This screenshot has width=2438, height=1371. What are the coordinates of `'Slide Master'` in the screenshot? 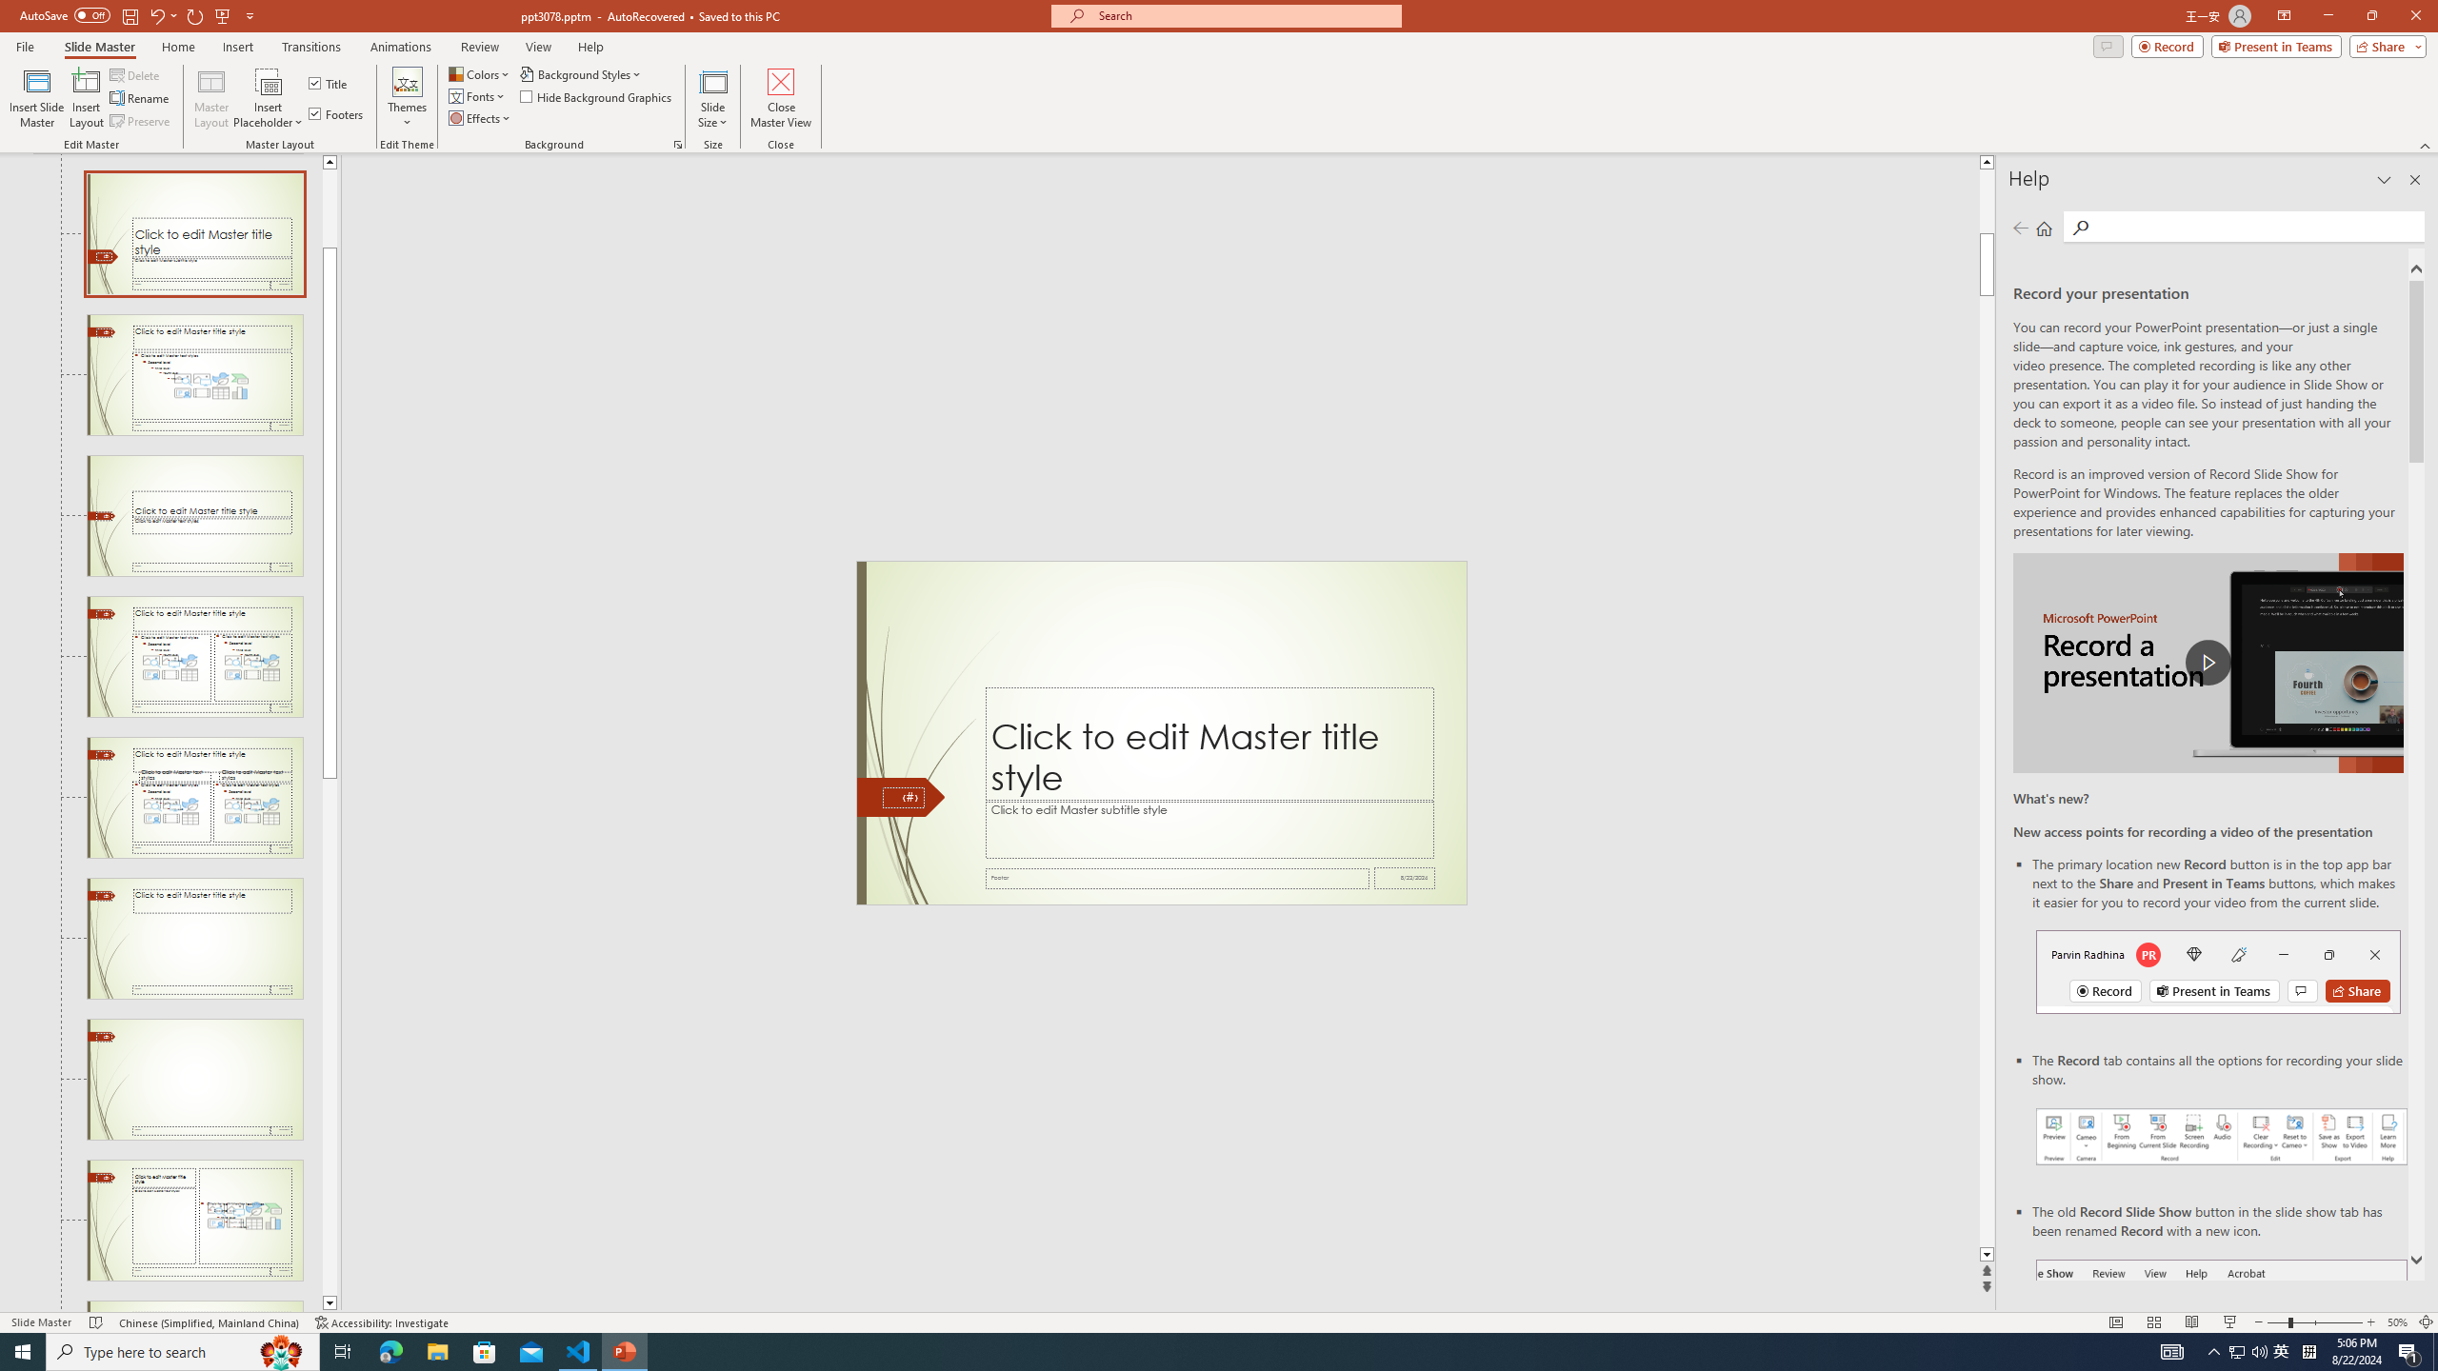 It's located at (98, 47).